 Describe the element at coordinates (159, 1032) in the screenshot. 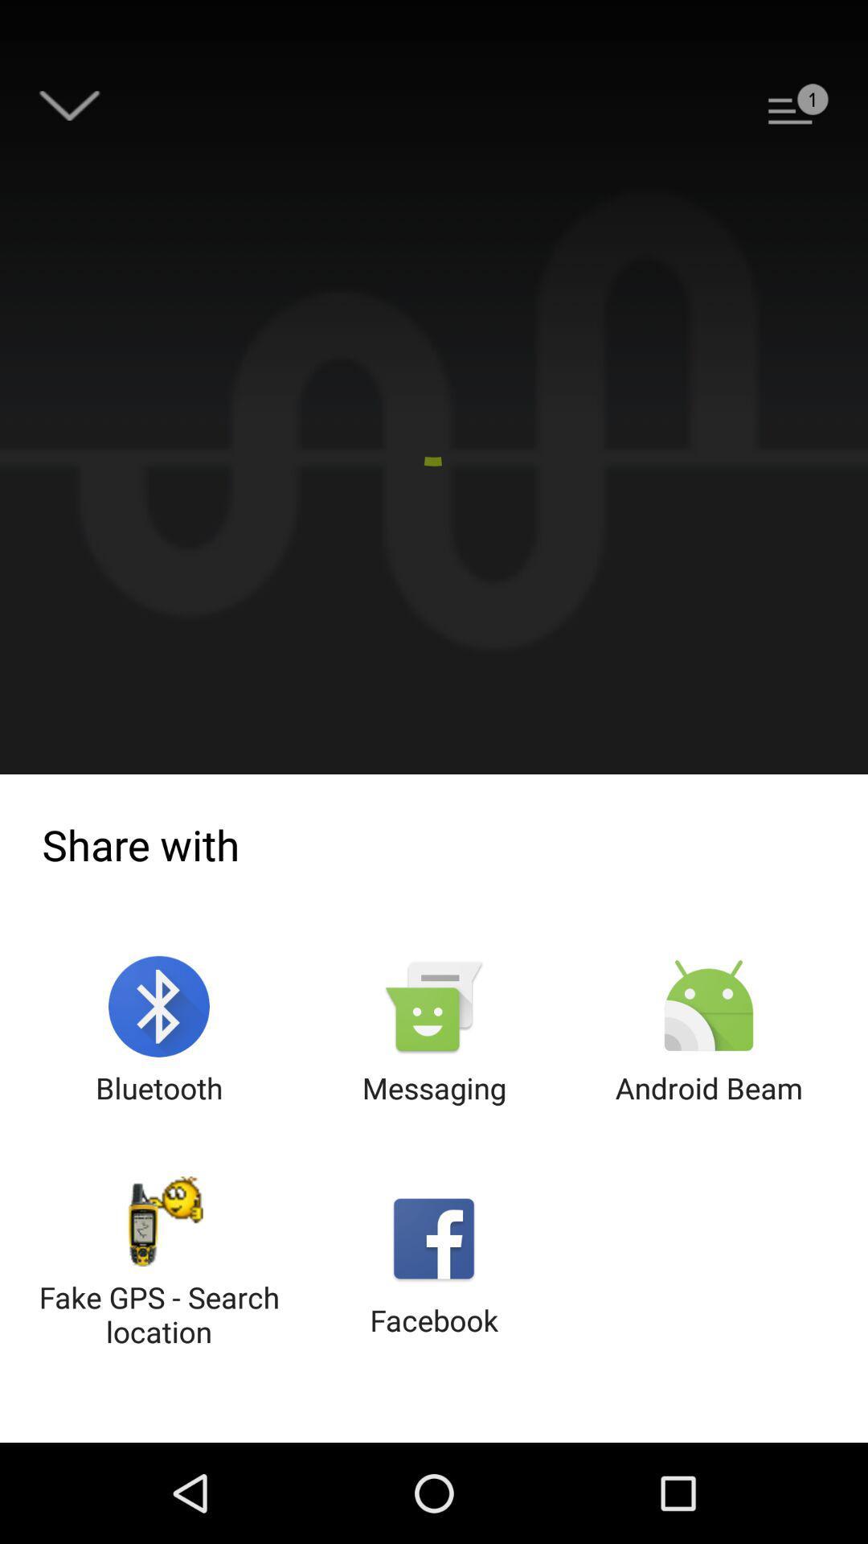

I see `the bluetooth icon` at that location.